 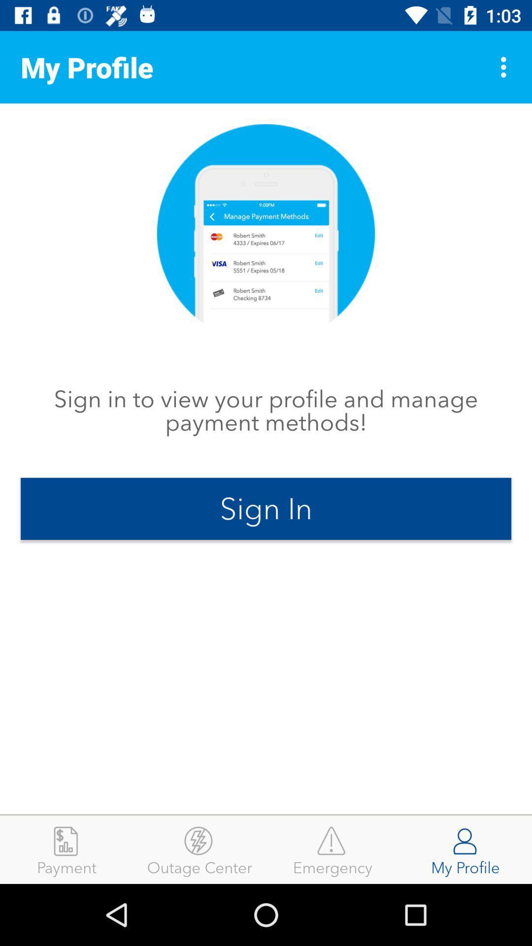 I want to click on the icon to the left of the emergency item, so click(x=199, y=849).